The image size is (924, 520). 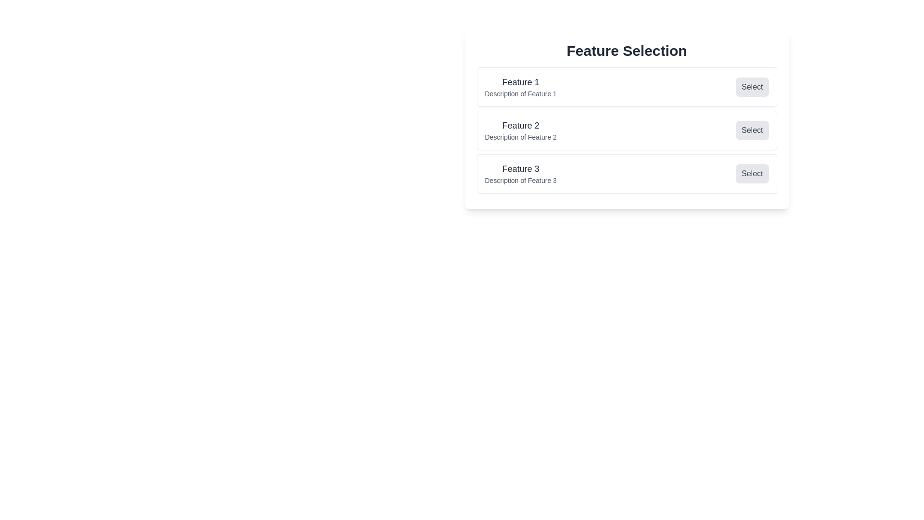 What do you see at coordinates (520, 130) in the screenshot?
I see `the text label that describes 'Feature 2', which is positioned below 'Feature 1' and above 'Feature 3' in the 'Feature Selection' list` at bounding box center [520, 130].